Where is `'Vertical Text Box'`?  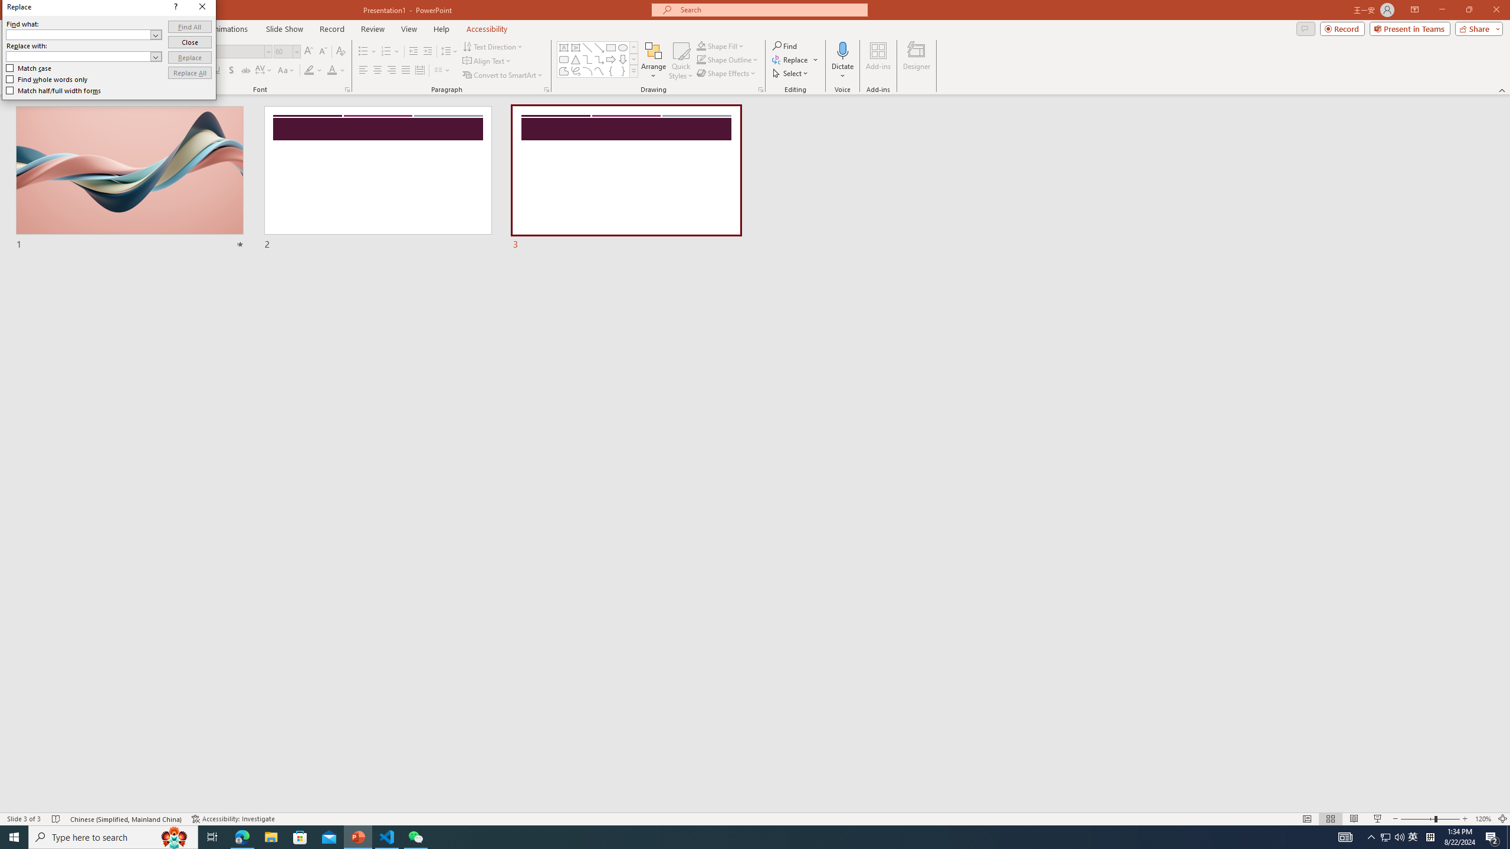 'Vertical Text Box' is located at coordinates (575, 47).